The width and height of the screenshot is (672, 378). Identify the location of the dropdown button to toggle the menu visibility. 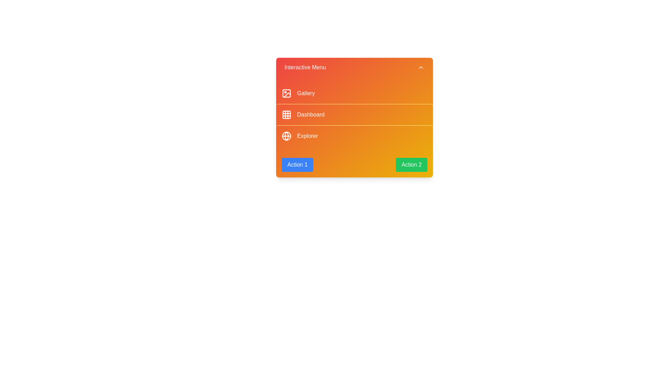
(354, 67).